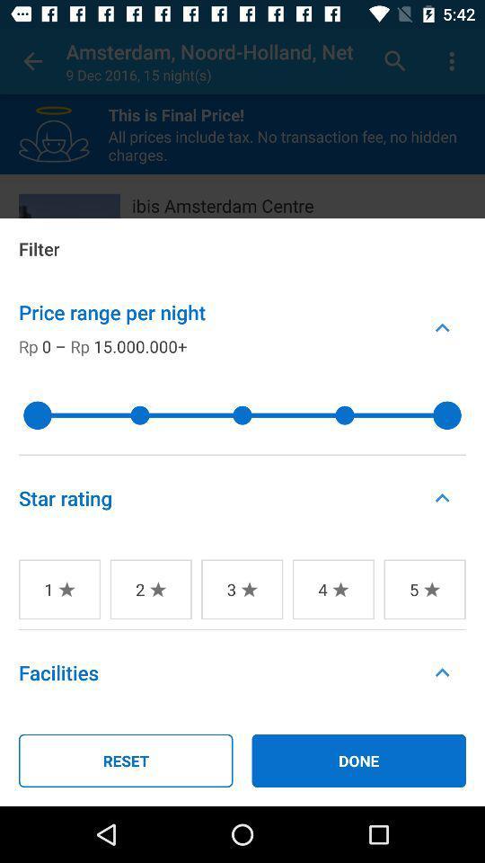  I want to click on the item next to the reset, so click(358, 760).